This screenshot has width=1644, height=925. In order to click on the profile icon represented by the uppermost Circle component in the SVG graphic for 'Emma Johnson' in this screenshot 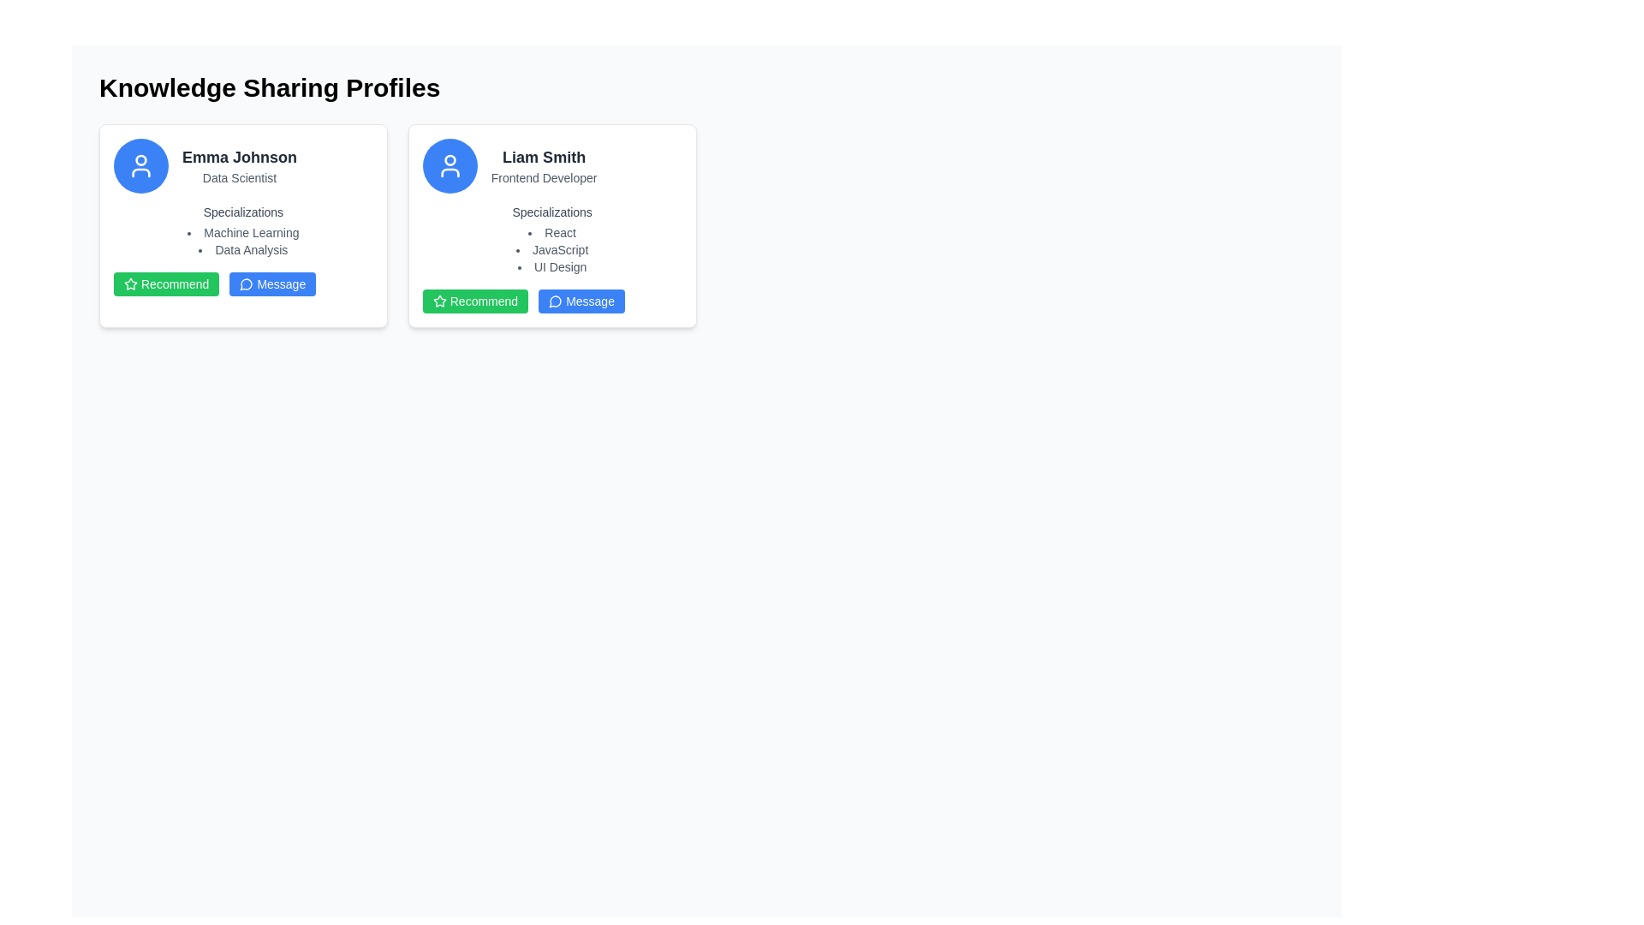, I will do `click(140, 159)`.